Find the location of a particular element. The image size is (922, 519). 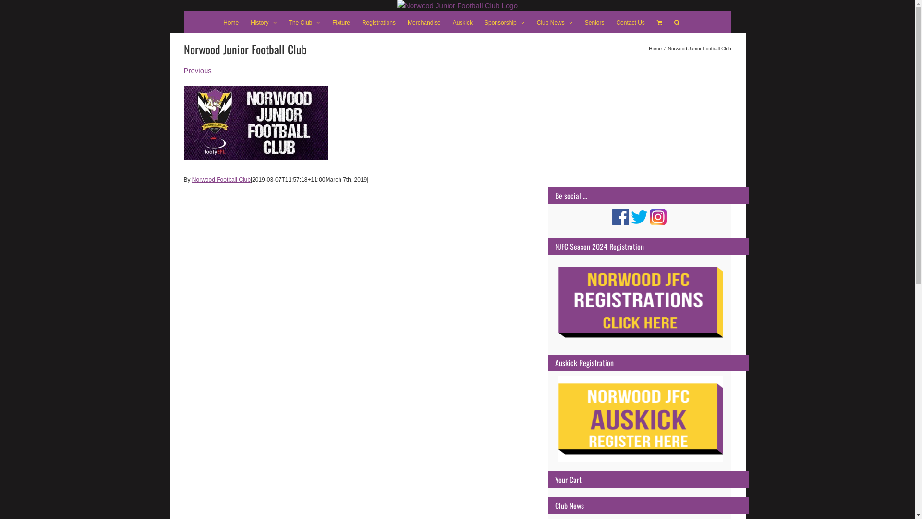

'Club News' is located at coordinates (555, 22).